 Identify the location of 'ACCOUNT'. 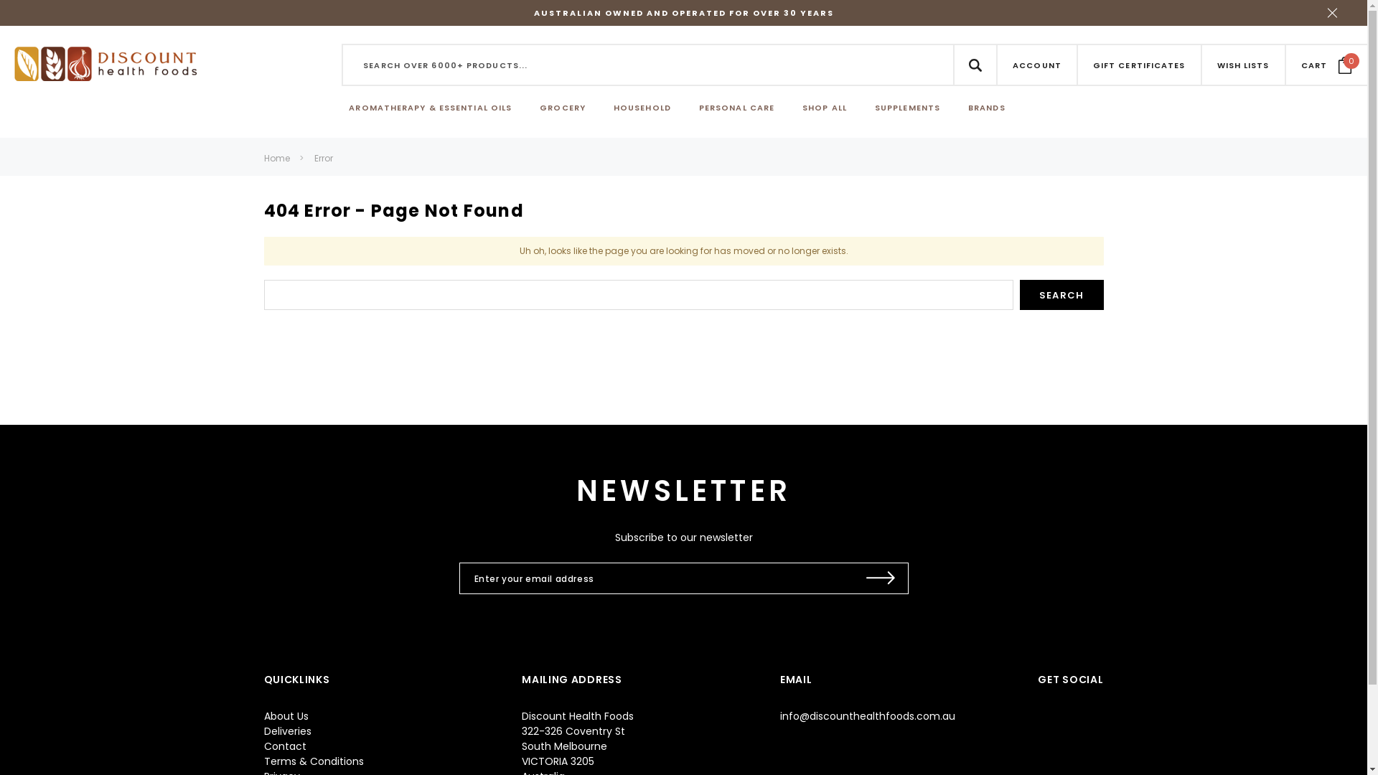
(1036, 65).